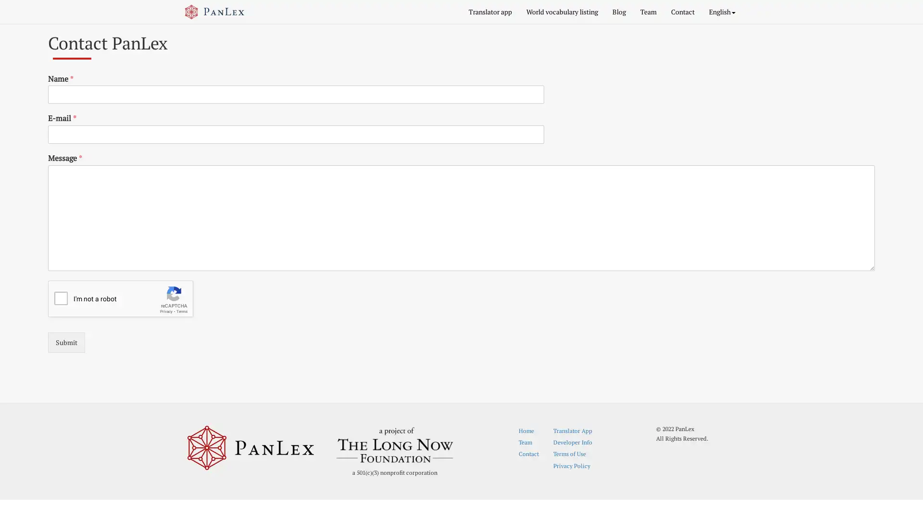 The height and width of the screenshot is (519, 923). Describe the element at coordinates (66, 342) in the screenshot. I see `Submit` at that location.